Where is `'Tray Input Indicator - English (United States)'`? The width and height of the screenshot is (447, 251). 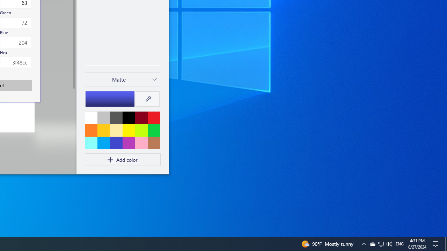
'Tray Input Indicator - English (United States)' is located at coordinates (380, 243).